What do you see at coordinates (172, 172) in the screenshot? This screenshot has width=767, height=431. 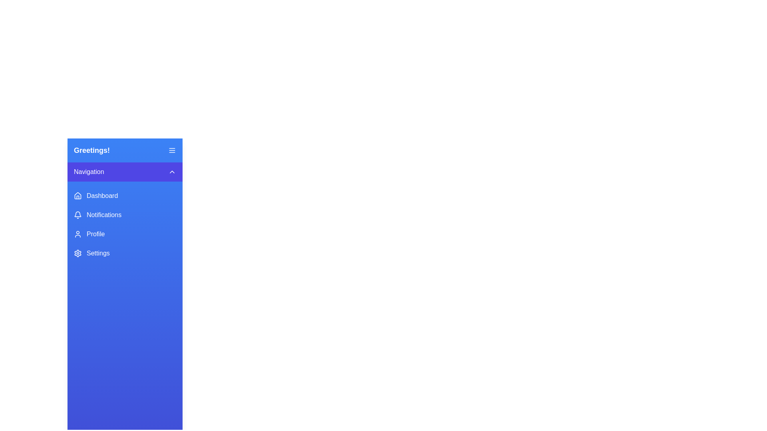 I see `the small upward-pointing chevron icon located on the right edge of the purple 'Navigation' bar` at bounding box center [172, 172].